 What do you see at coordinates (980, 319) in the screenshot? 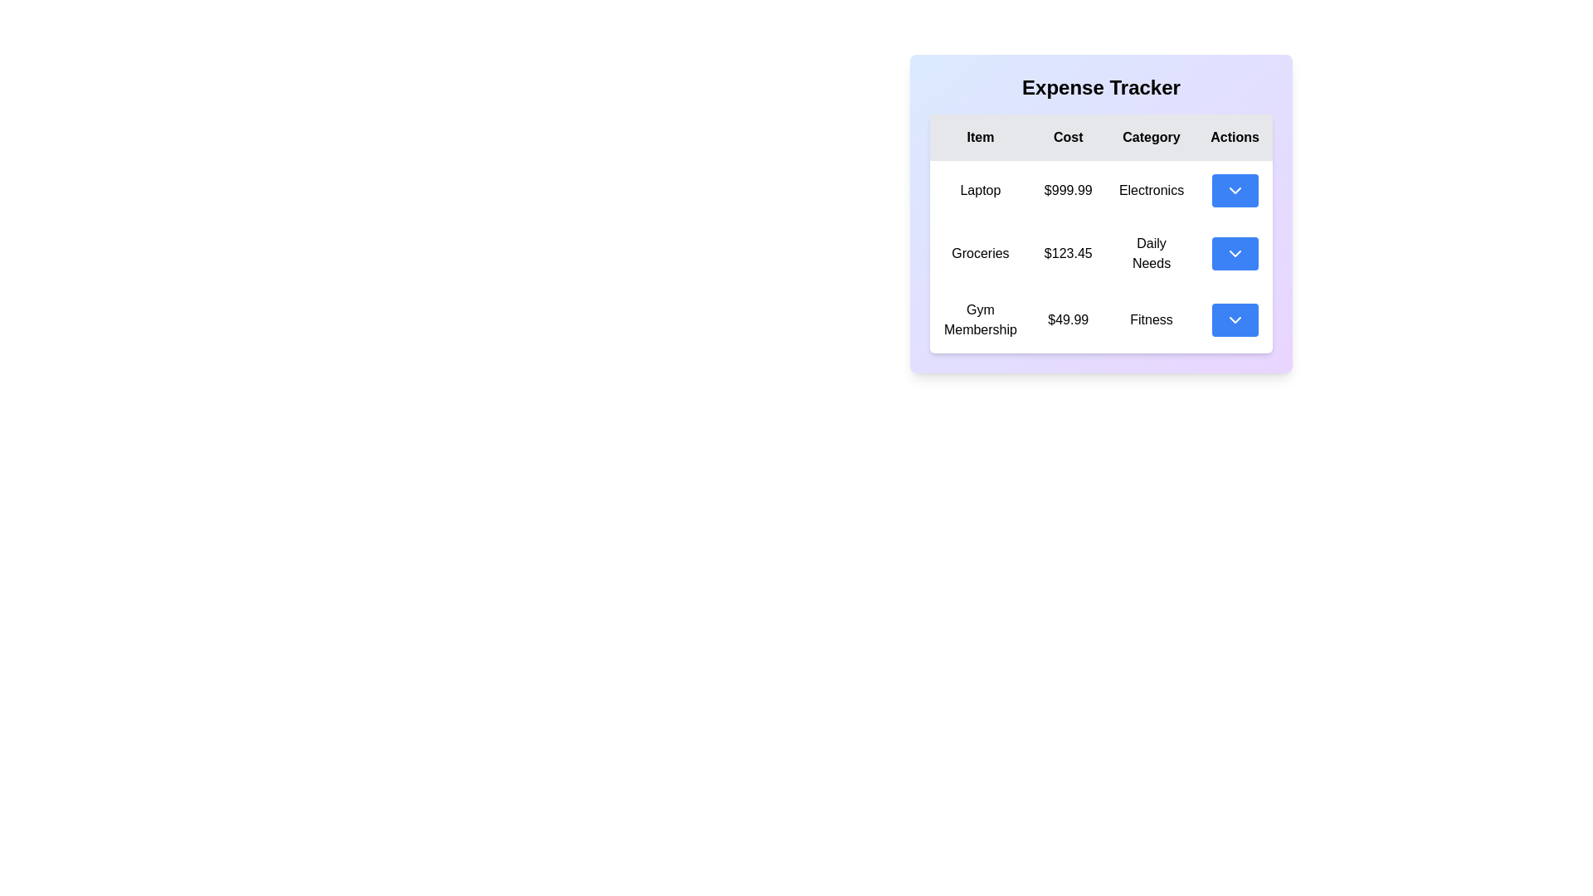
I see `the 'Gym Membership' label in the third row of the table, which is the first text component under the 'Item' column` at bounding box center [980, 319].